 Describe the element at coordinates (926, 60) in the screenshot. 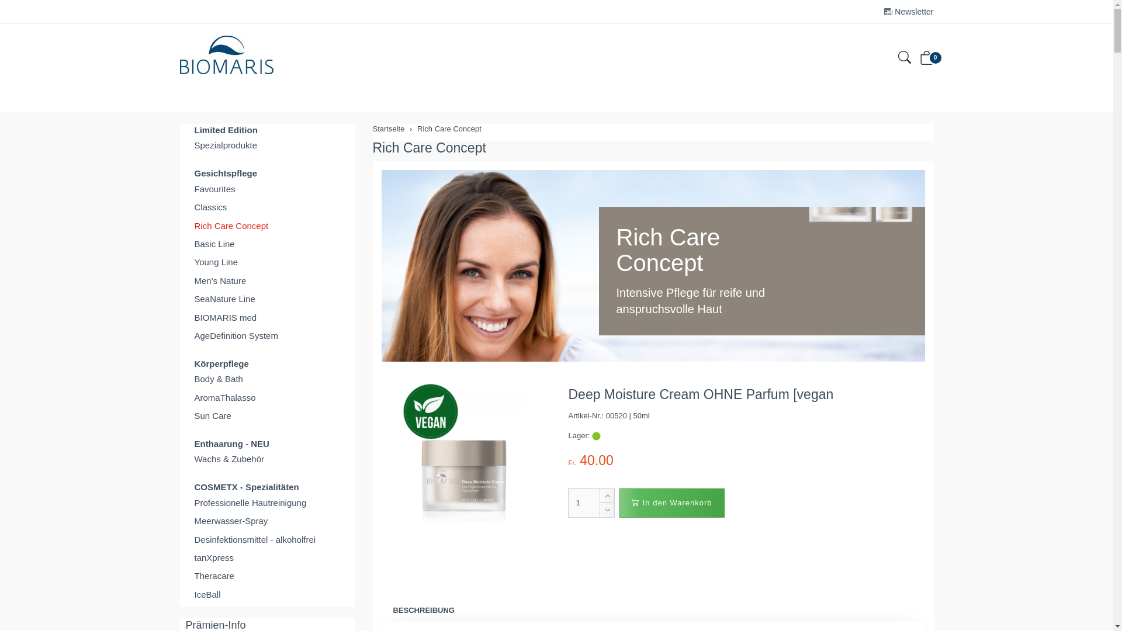

I see `'0'` at that location.